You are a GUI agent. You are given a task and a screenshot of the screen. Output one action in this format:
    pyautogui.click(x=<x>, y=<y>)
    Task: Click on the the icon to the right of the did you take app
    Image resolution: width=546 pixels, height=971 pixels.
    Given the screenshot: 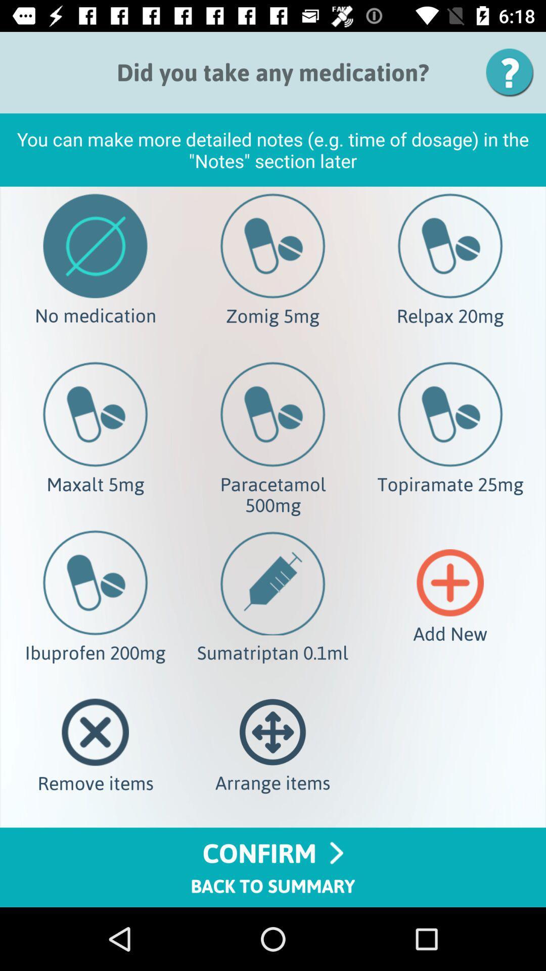 What is the action you would take?
    pyautogui.click(x=513, y=72)
    